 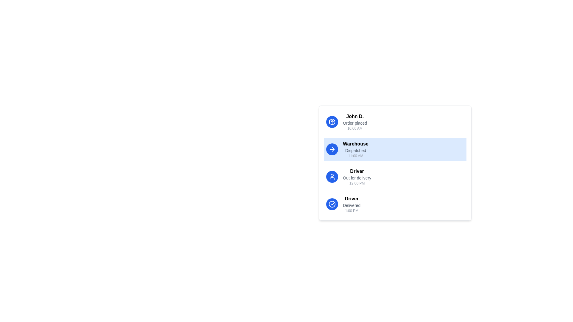 What do you see at coordinates (333, 203) in the screenshot?
I see `the completion icon for the 'Warehouse' status, which is located within a blue circular background at the center of the 'Warehouse' row in the list` at bounding box center [333, 203].